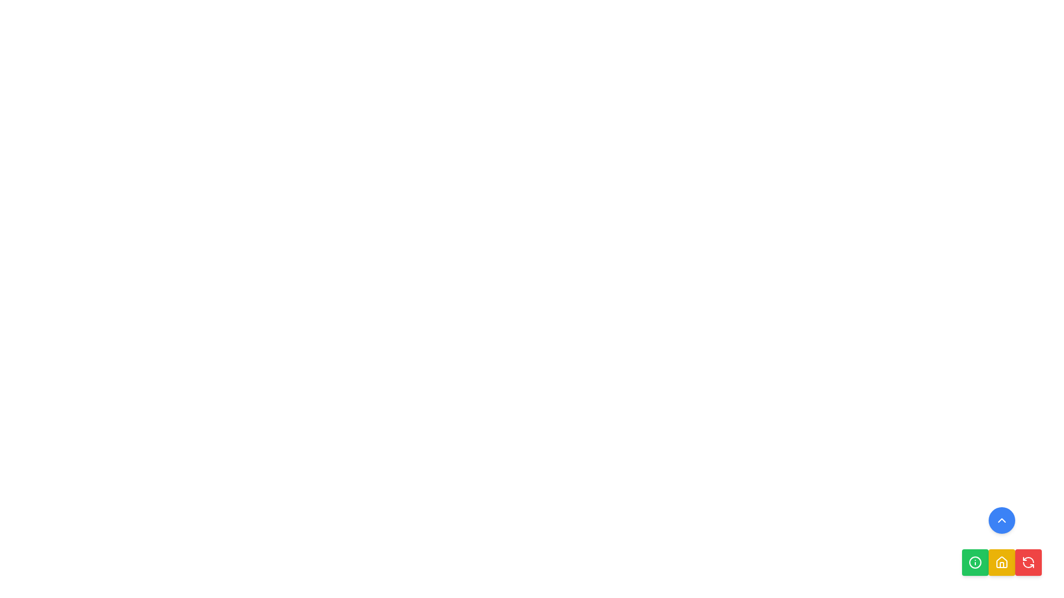  Describe the element at coordinates (1002, 562) in the screenshot. I see `the yellow rounded rectangle button with a white house icon centered on it` at that location.